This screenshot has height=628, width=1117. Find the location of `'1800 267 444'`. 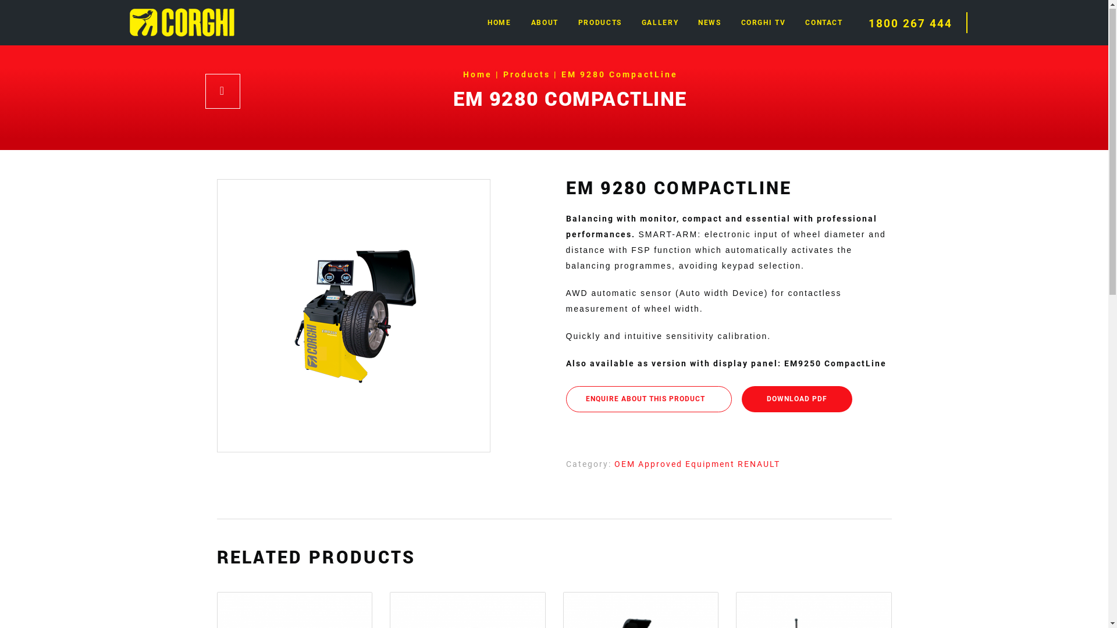

'1800 267 444' is located at coordinates (907, 24).